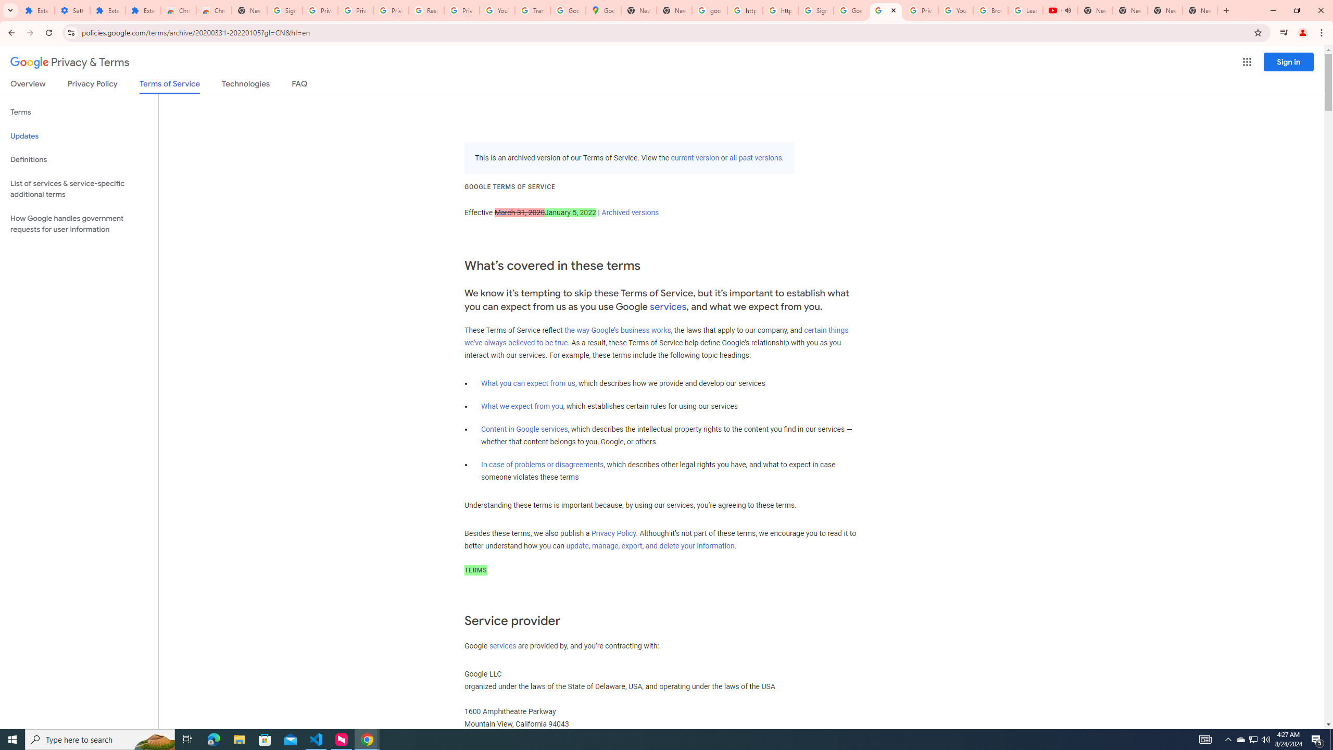 This screenshot has width=1333, height=750. Describe the element at coordinates (815, 10) in the screenshot. I see `'Sign in - Google Accounts'` at that location.